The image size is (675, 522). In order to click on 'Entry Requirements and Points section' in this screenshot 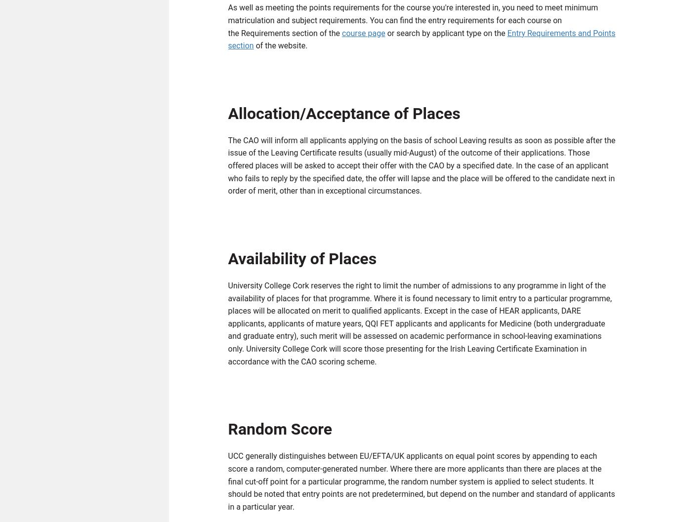, I will do `click(228, 41)`.